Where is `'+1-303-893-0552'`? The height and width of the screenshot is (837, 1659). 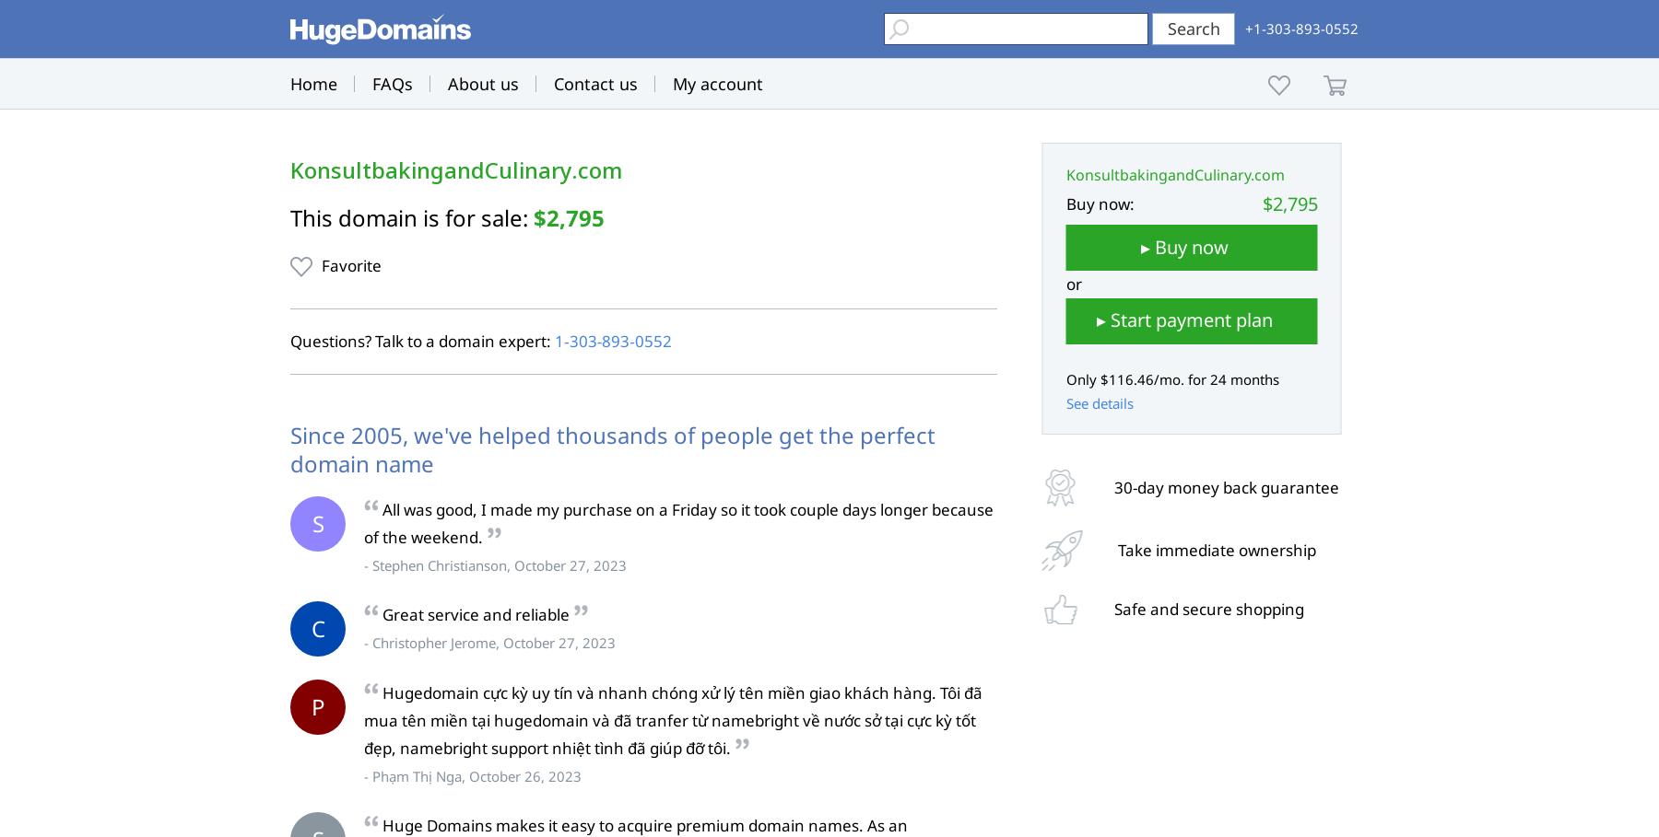 '+1-303-893-0552' is located at coordinates (1300, 27).